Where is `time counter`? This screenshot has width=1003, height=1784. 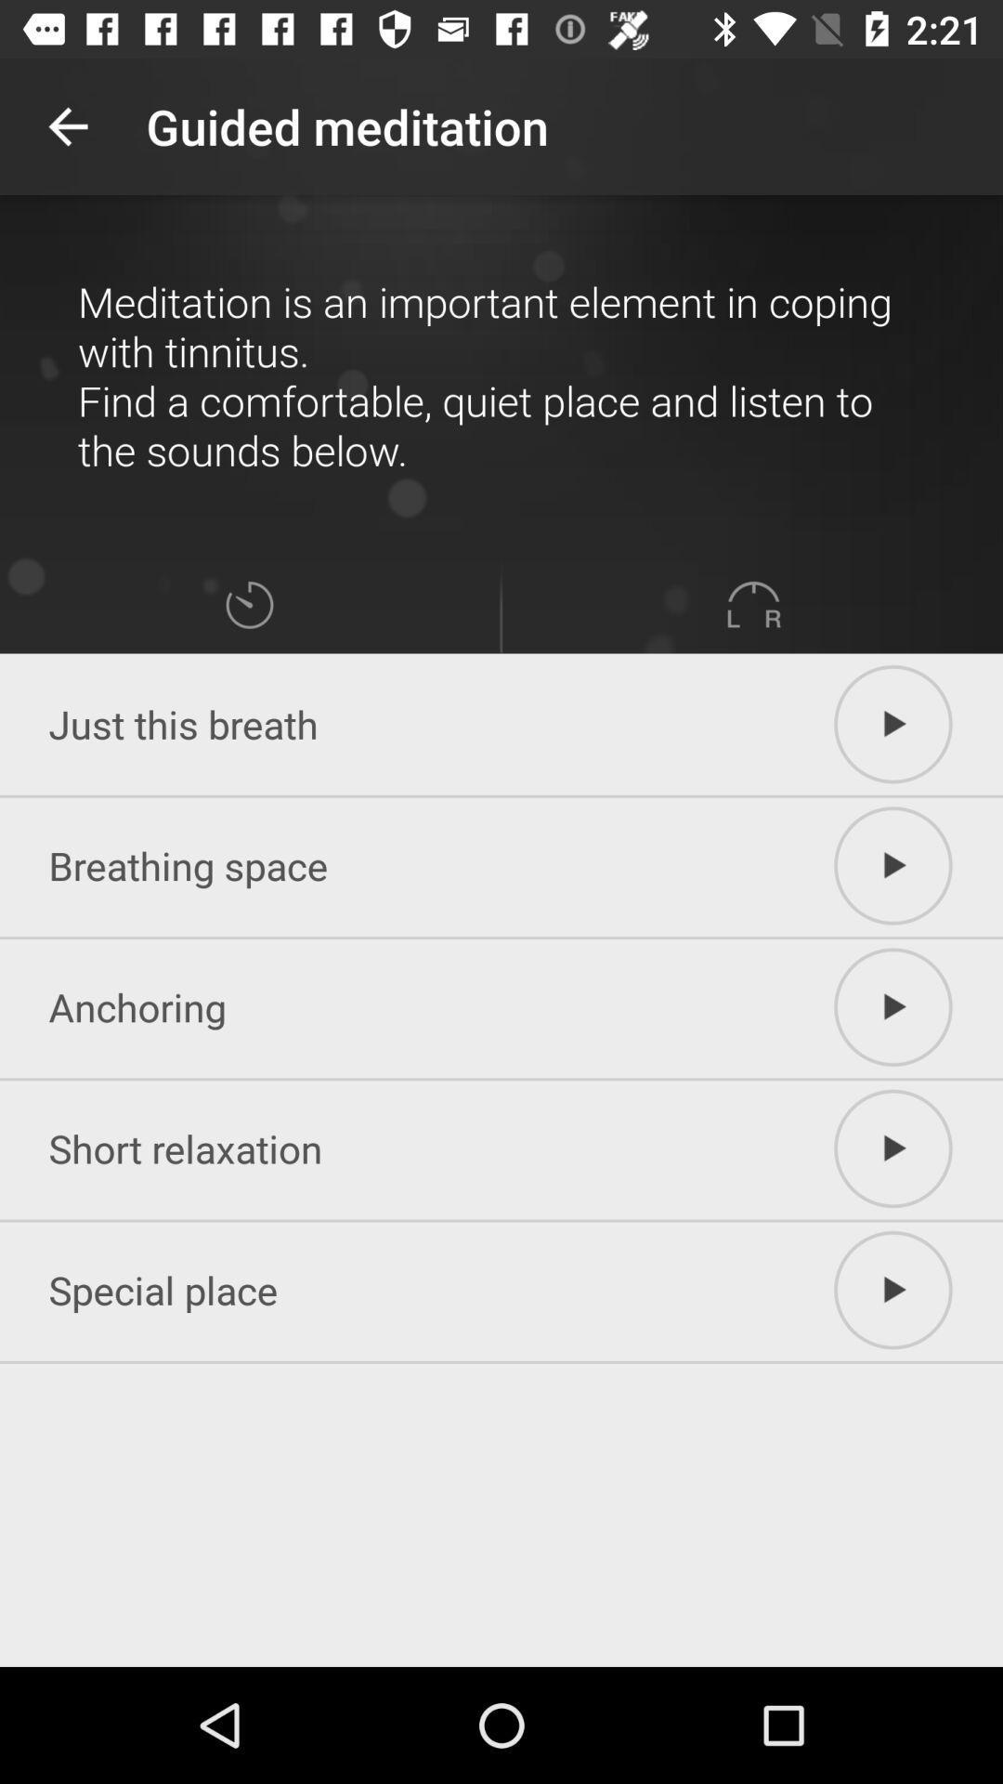 time counter is located at coordinates (248, 605).